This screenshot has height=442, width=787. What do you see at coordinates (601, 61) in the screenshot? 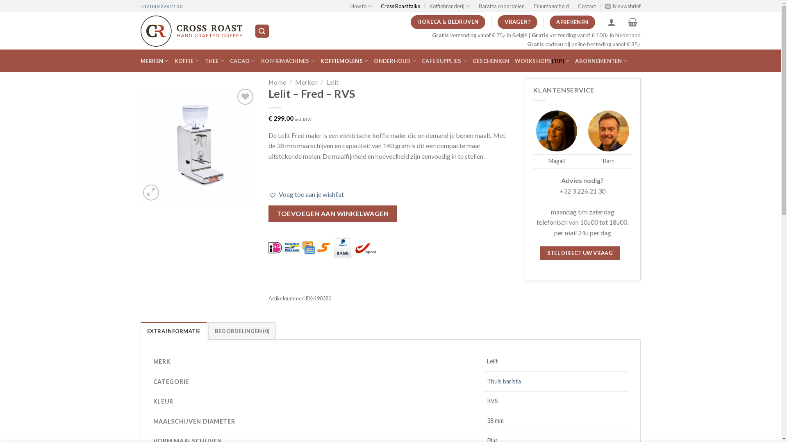
I see `'ABONNEMENTEN'` at bounding box center [601, 61].